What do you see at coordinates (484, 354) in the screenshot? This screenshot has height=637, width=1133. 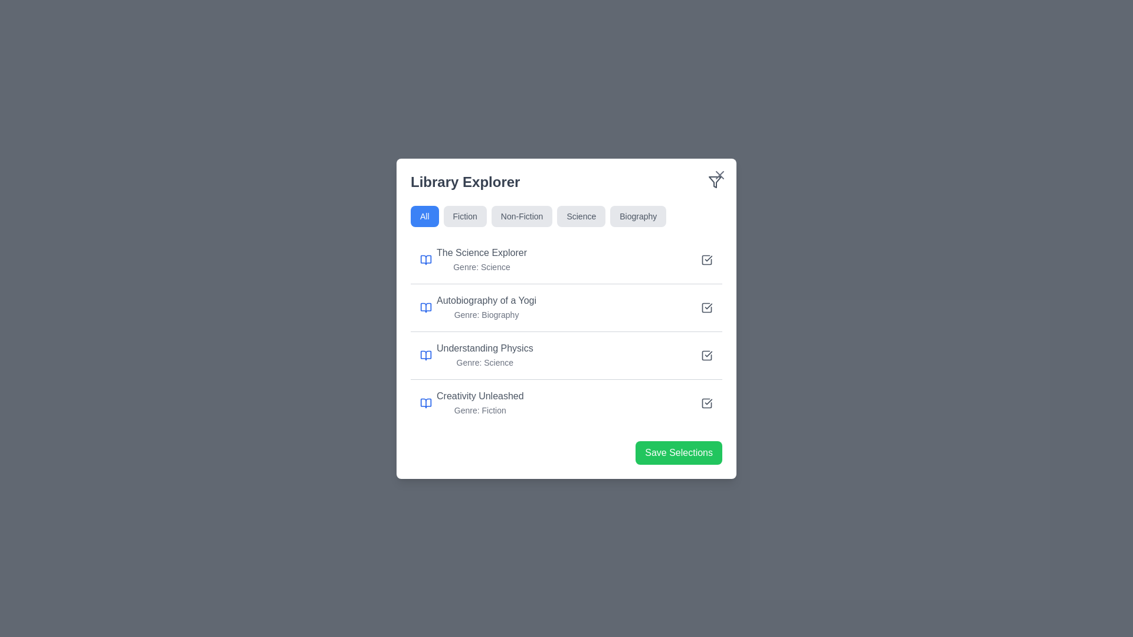 I see `the text block labeled 'Understanding Physics'` at bounding box center [484, 354].